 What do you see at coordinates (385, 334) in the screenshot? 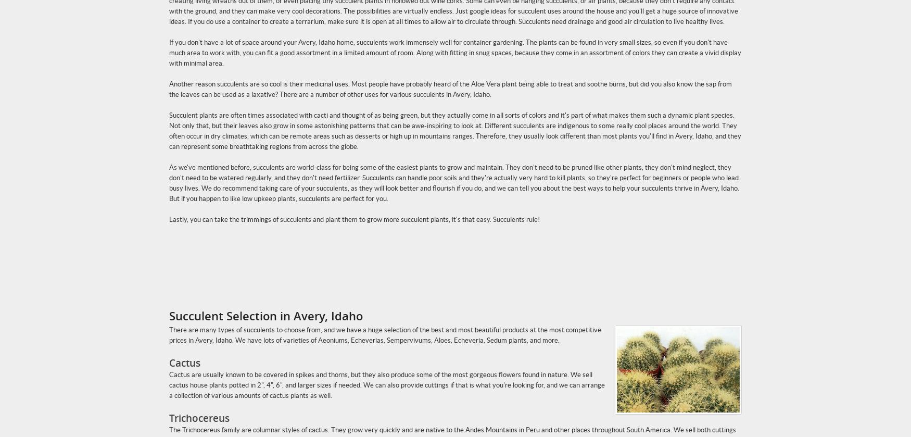
I see `'There are many types of succulents to choose from, and we have a huge selection of the best and most beautiful products at the most competitive prices in Avery, Idaho. We have lots of varieties of Aeoniums, Echeverias, Sempervivums, Aloes, Echeveria, Sedum plants, and more.'` at bounding box center [385, 334].